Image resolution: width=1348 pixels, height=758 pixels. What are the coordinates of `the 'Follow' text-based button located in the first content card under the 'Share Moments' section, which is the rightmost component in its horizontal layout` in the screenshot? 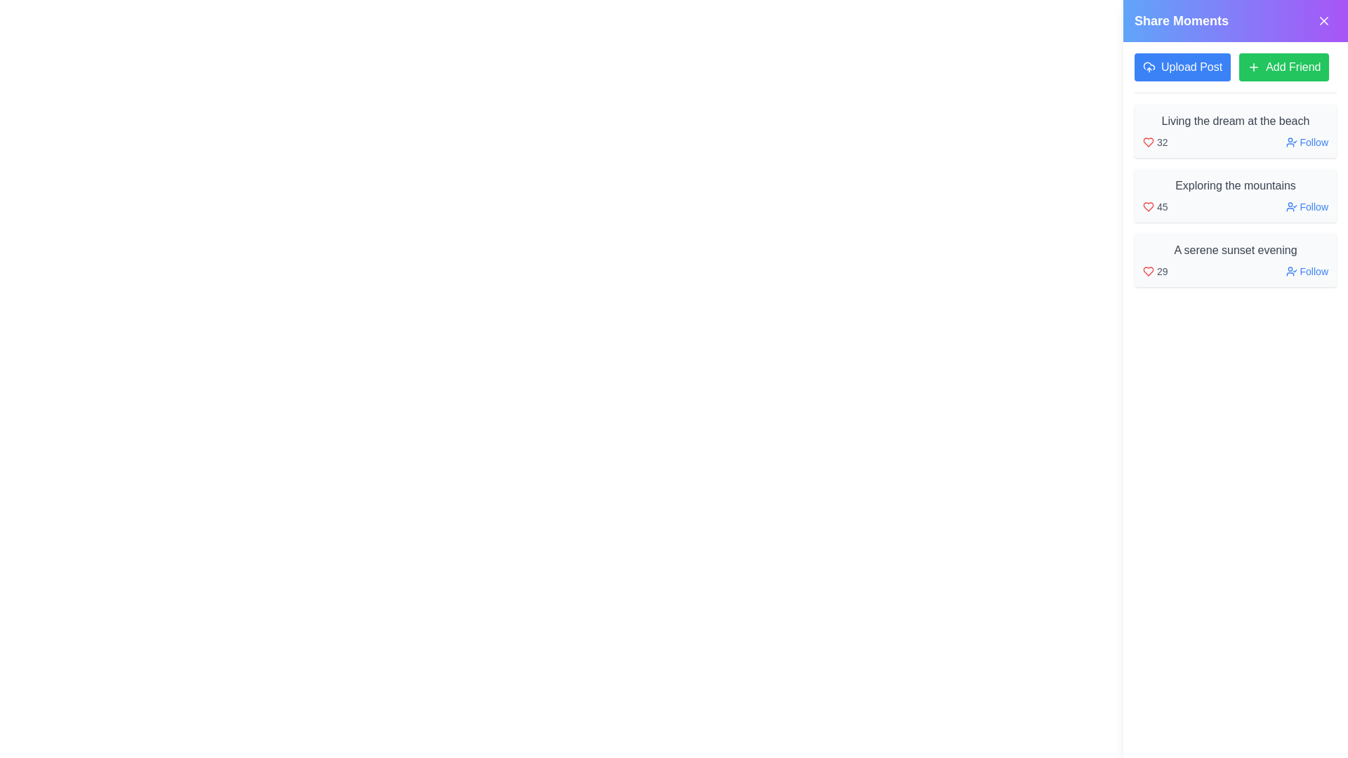 It's located at (1313, 142).